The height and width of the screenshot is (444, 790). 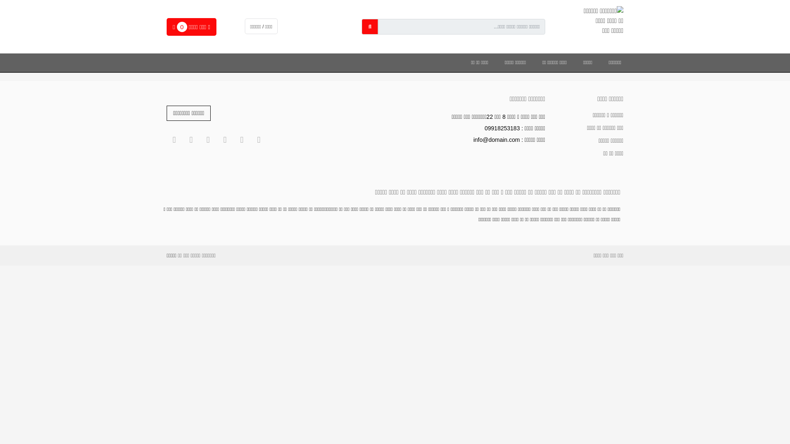 I want to click on 'rss', so click(x=191, y=139).